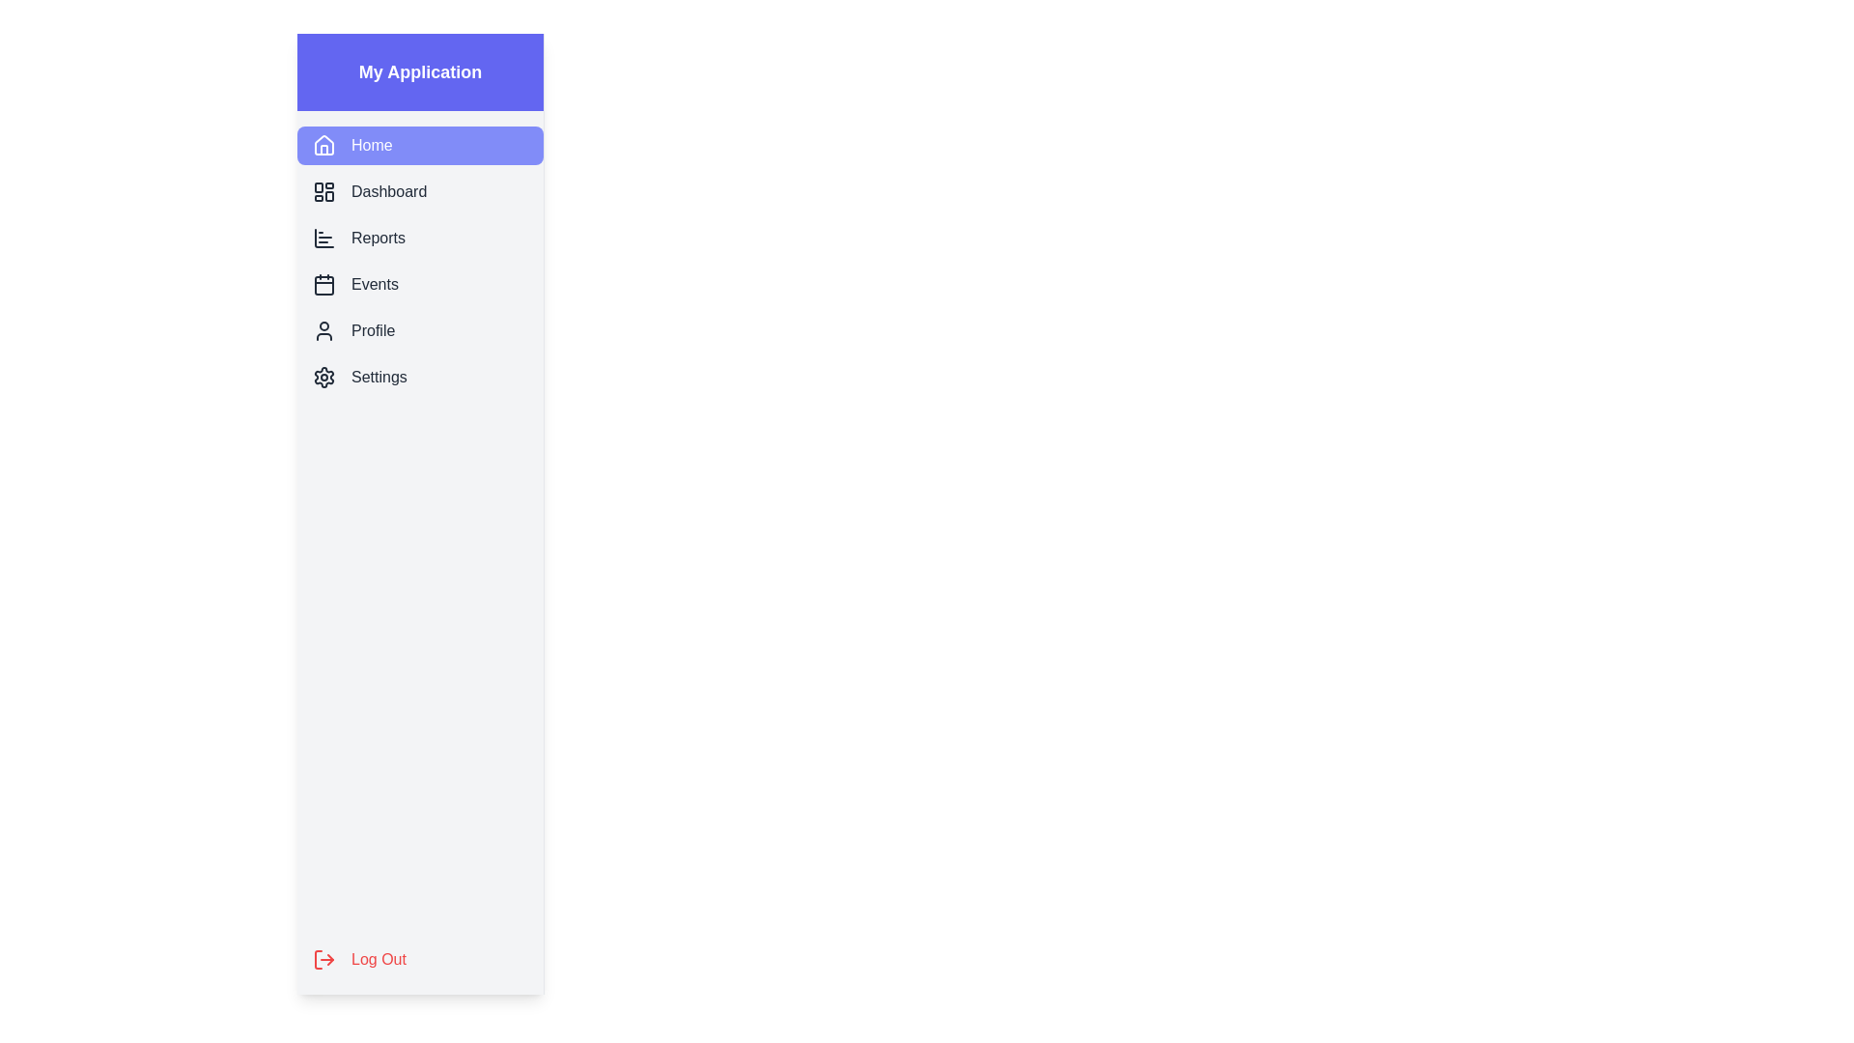 The image size is (1854, 1043). Describe the element at coordinates (419, 330) in the screenshot. I see `the 'Profile' navigation menu item, which is styled with padding and rounded corners and is located between 'Events' and 'Settings' in the sidebar` at that location.